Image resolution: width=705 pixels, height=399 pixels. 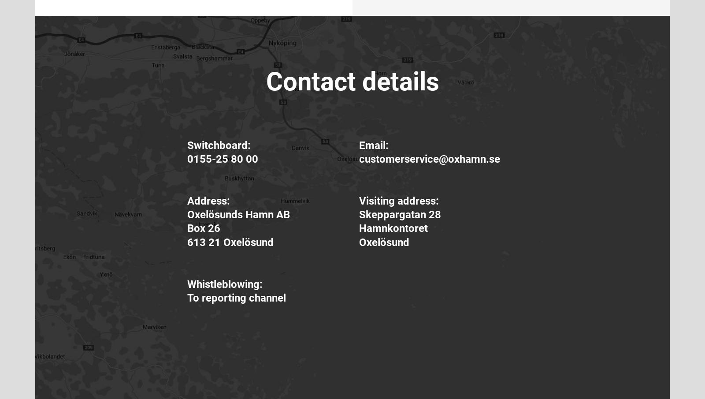 What do you see at coordinates (400, 214) in the screenshot?
I see `'Skeppargatan 28'` at bounding box center [400, 214].